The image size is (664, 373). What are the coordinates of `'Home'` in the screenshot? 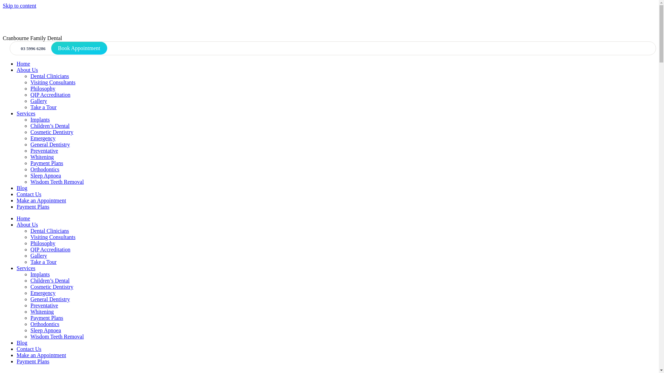 It's located at (23, 218).